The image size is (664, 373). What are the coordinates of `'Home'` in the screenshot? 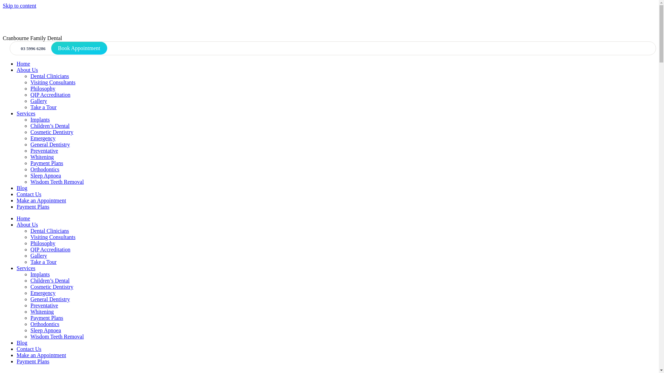 It's located at (23, 218).